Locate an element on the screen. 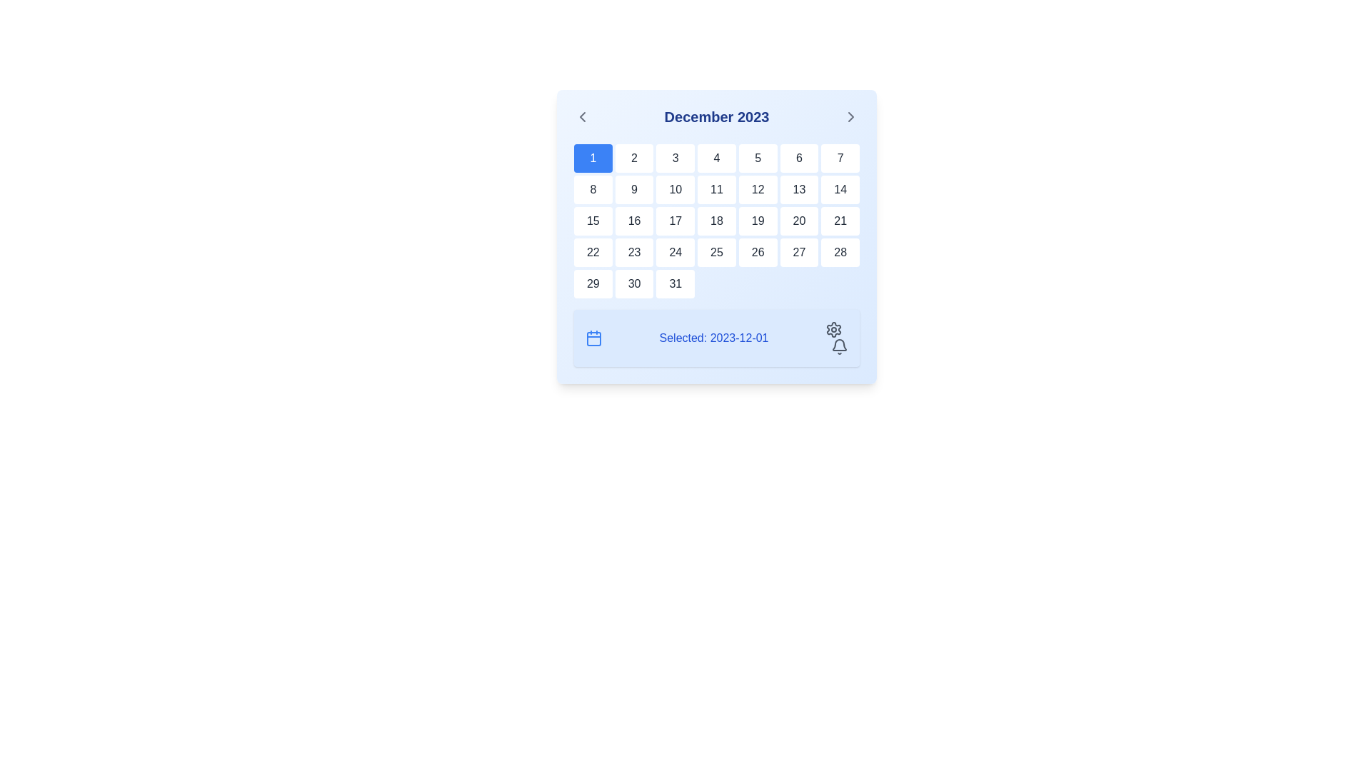  displayed text 'Selected: 2023-12-01' from the Informational panel with a light blue background and rounded borders, located below the calendar grid is located at coordinates (716, 338).